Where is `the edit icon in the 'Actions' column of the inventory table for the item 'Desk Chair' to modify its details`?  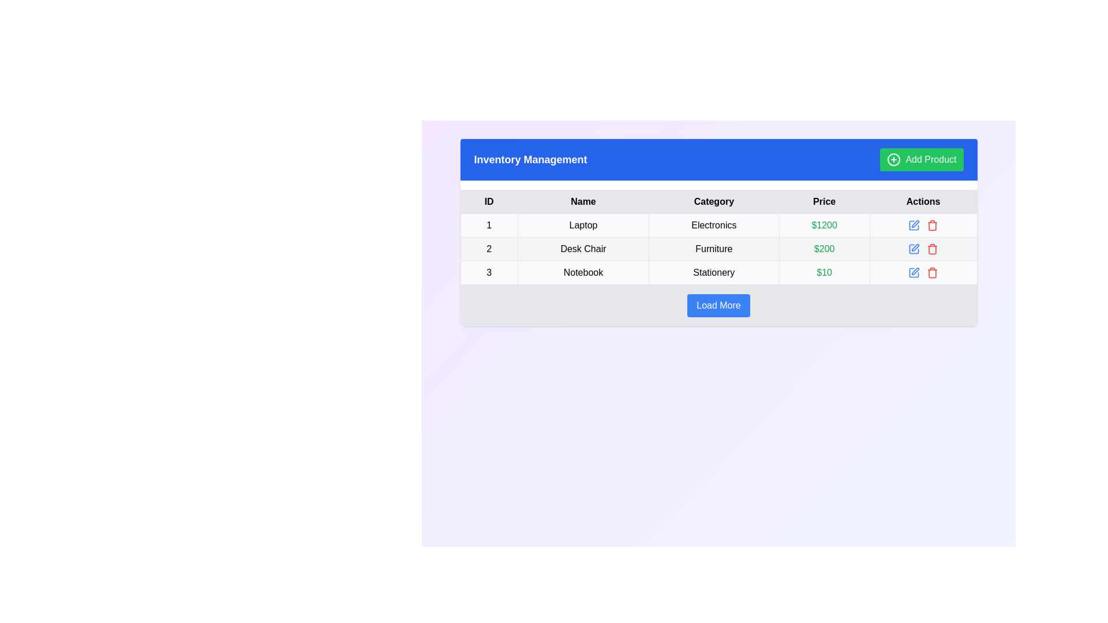 the edit icon in the 'Actions' column of the inventory table for the item 'Desk Chair' to modify its details is located at coordinates (923, 249).